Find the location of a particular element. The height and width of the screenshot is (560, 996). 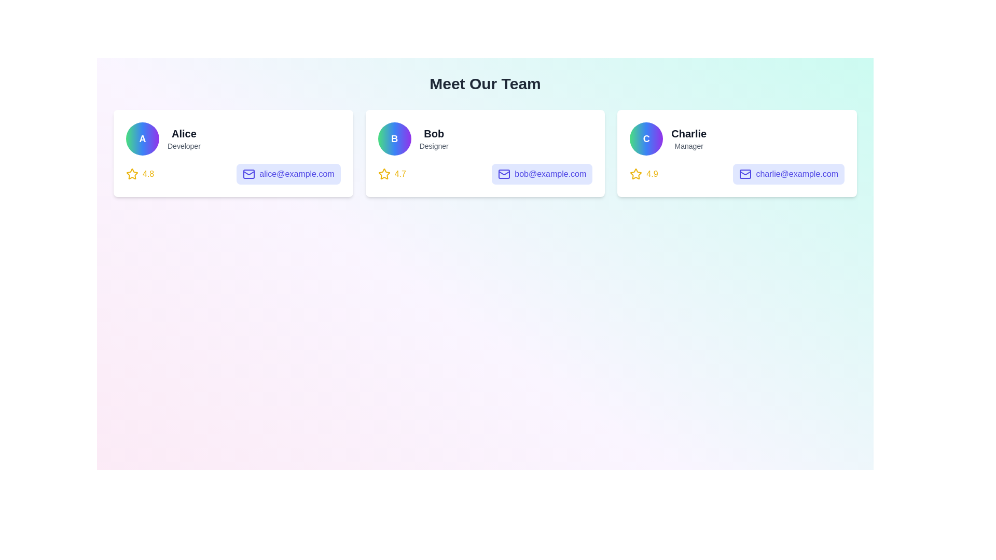

the rating display module for 'Bob' is located at coordinates (391, 173).